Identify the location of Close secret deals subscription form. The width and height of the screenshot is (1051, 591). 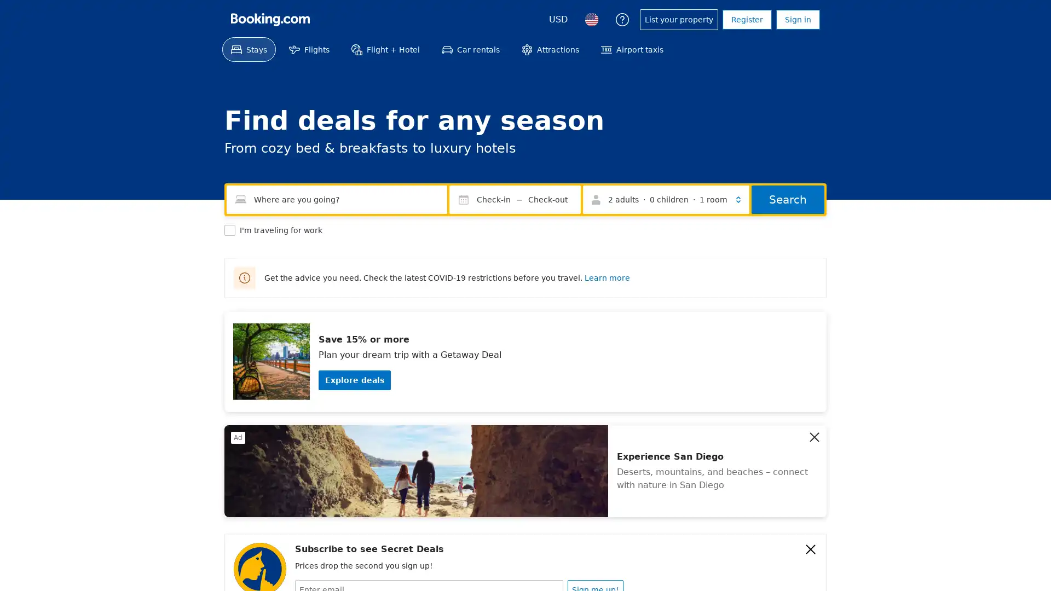
(811, 549).